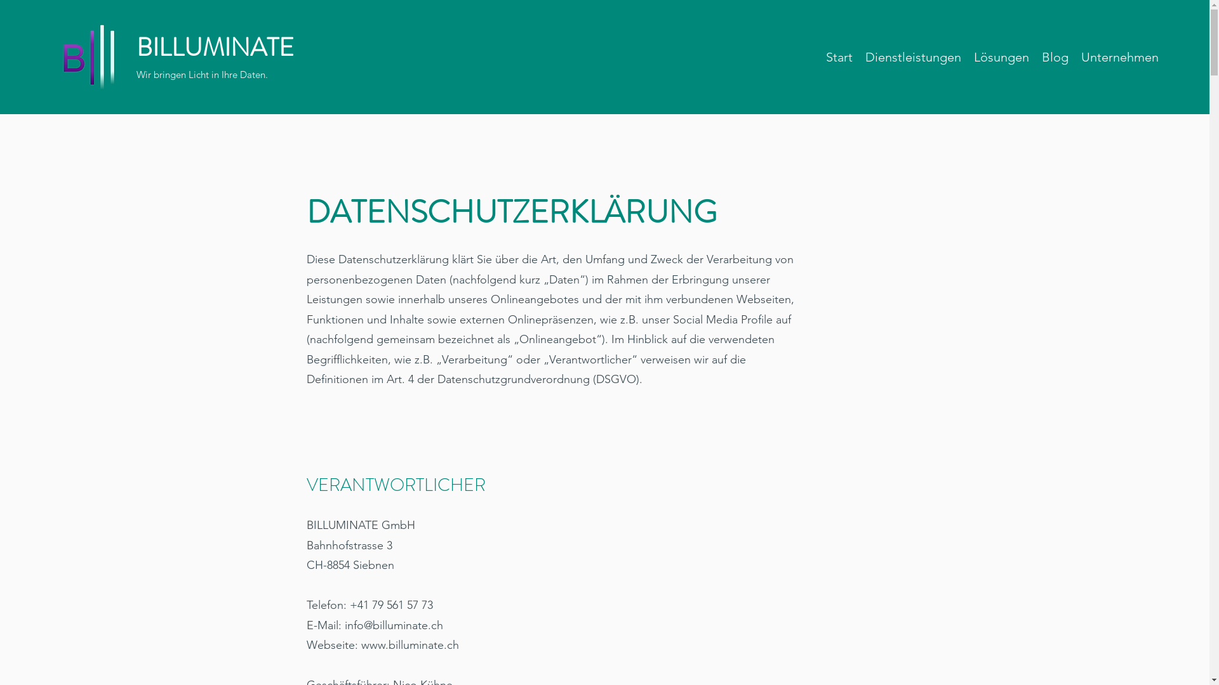 This screenshot has width=1219, height=685. I want to click on 'Blog', so click(1055, 56).